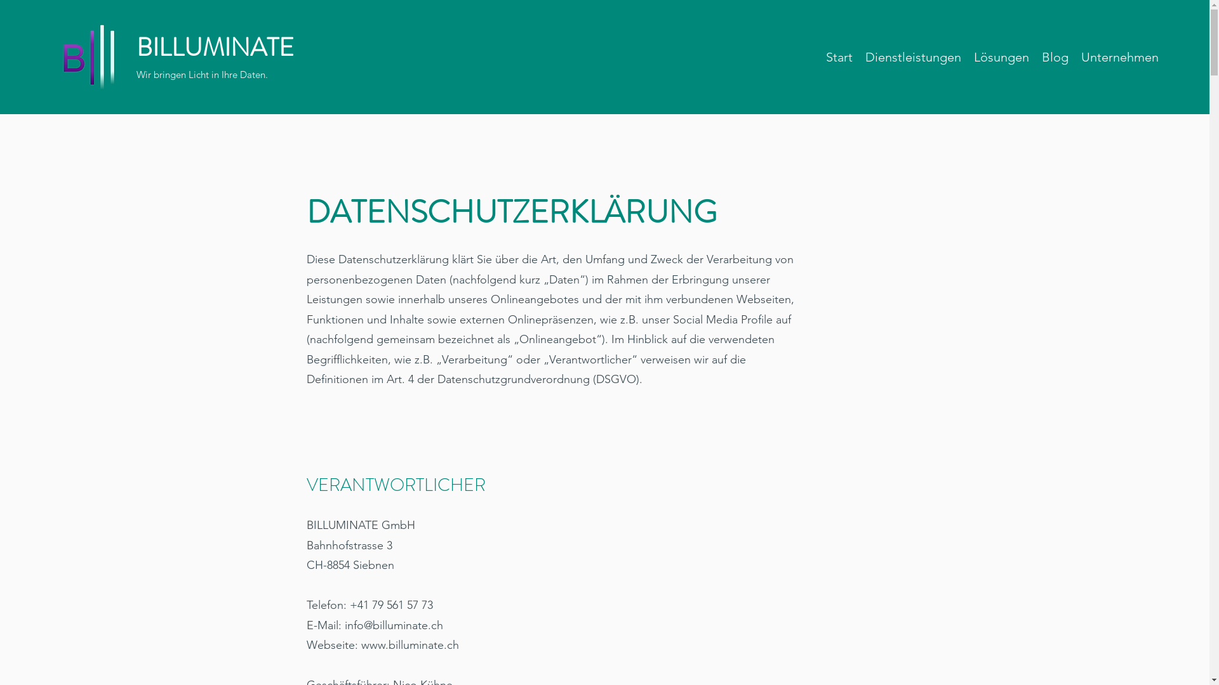 This screenshot has width=1219, height=685. I want to click on 'Blog', so click(1055, 56).